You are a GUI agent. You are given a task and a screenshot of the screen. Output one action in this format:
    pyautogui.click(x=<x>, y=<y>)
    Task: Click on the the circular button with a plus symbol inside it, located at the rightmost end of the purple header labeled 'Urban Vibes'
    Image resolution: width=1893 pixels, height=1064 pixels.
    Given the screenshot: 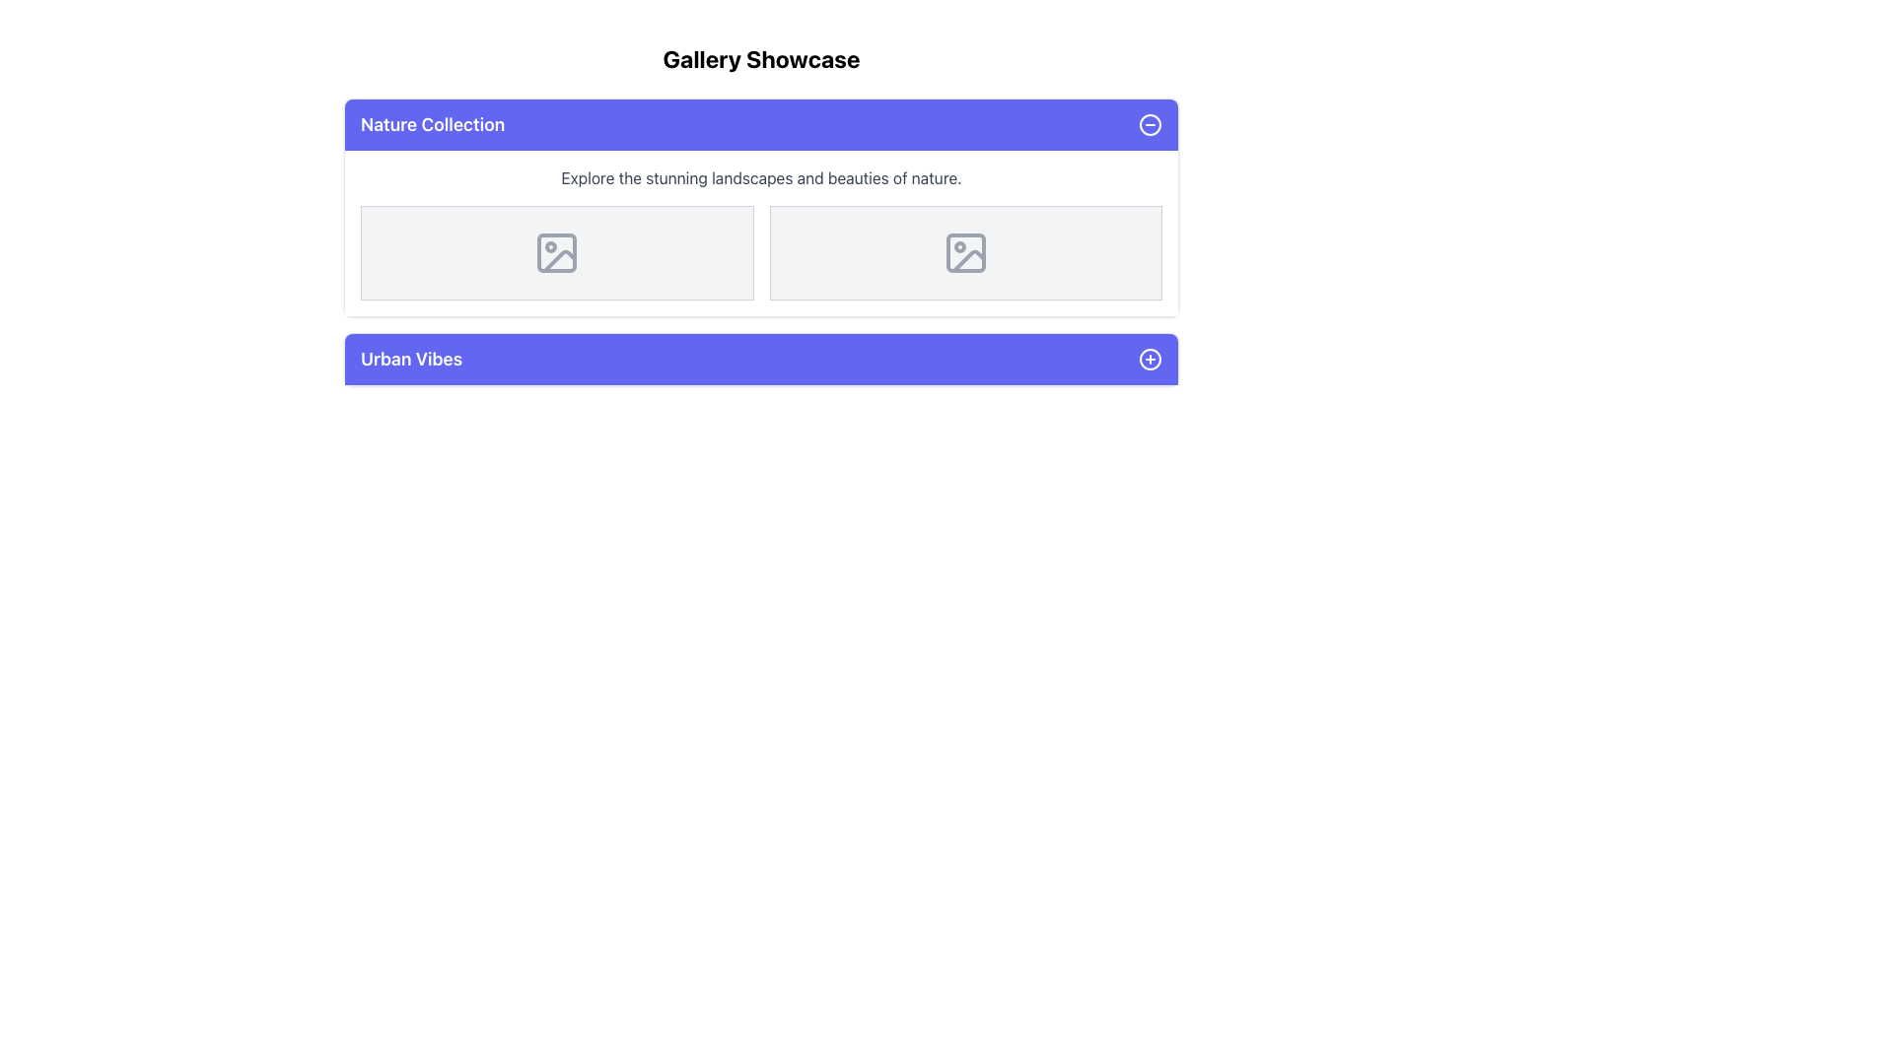 What is the action you would take?
    pyautogui.click(x=1150, y=360)
    